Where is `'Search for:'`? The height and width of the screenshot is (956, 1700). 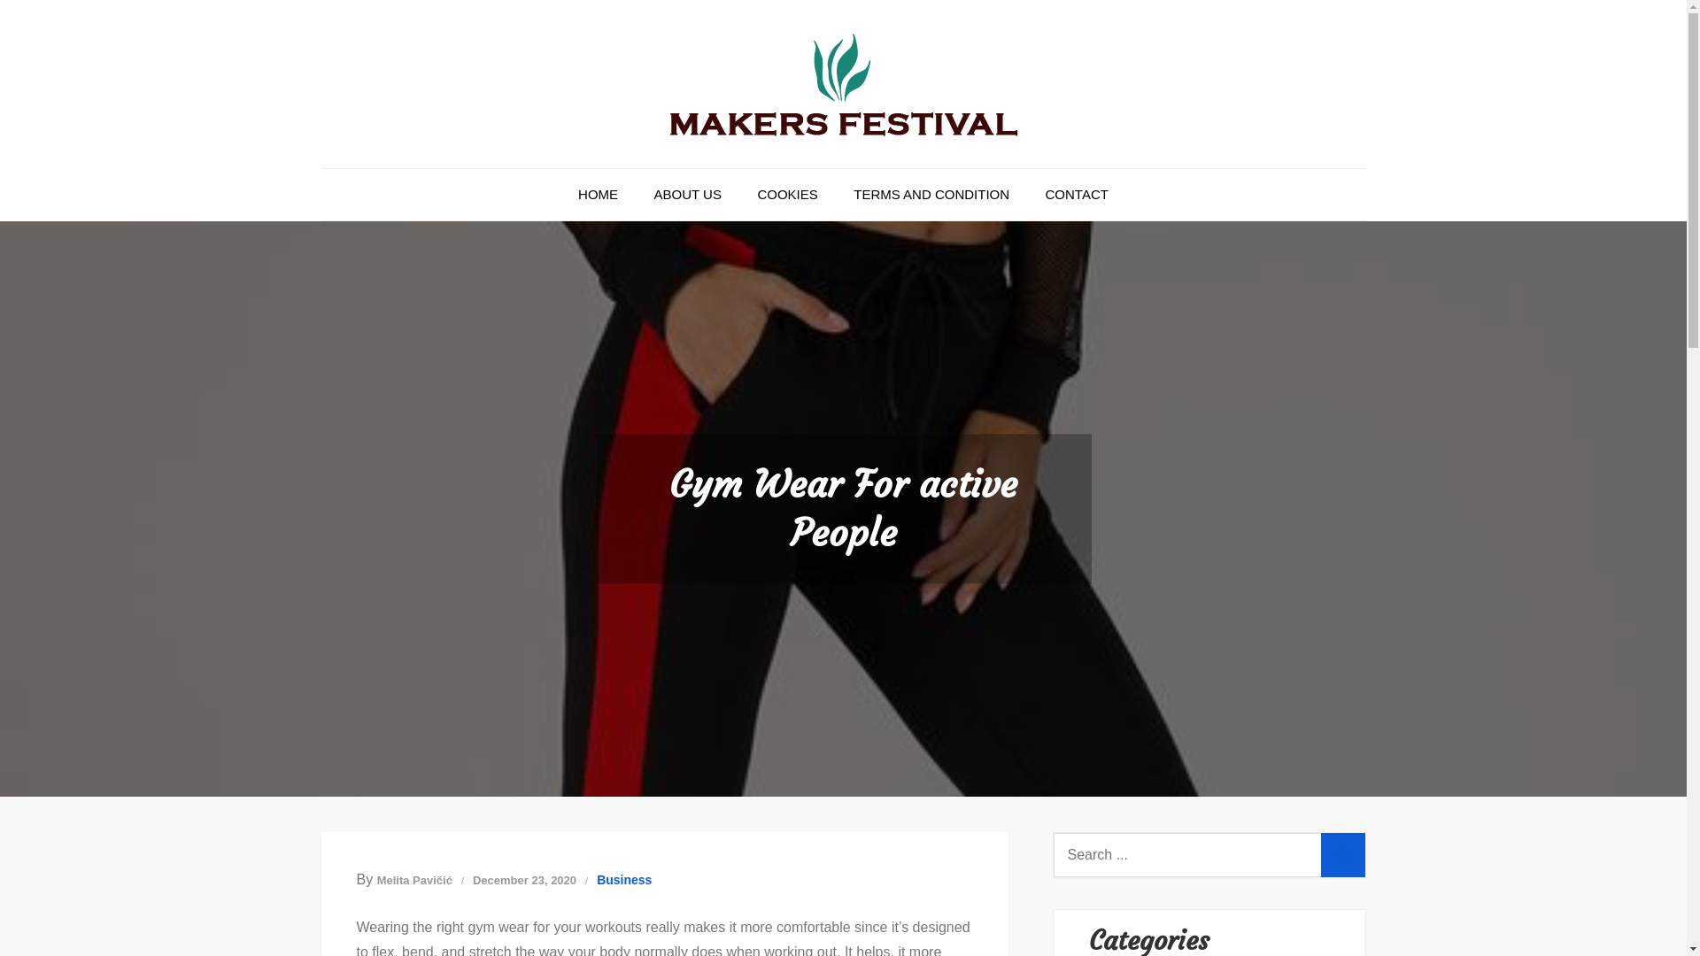
'Search for:' is located at coordinates (1209, 853).